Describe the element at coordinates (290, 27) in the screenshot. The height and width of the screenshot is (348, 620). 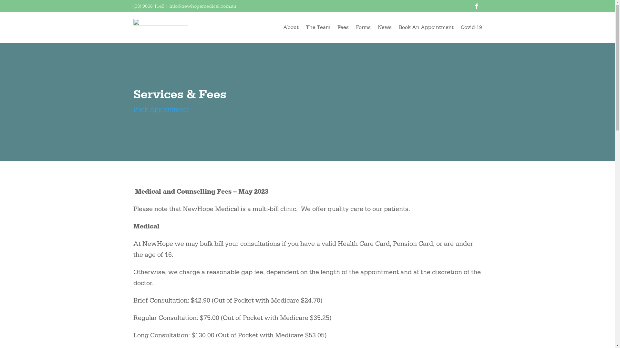
I see `'About'` at that location.